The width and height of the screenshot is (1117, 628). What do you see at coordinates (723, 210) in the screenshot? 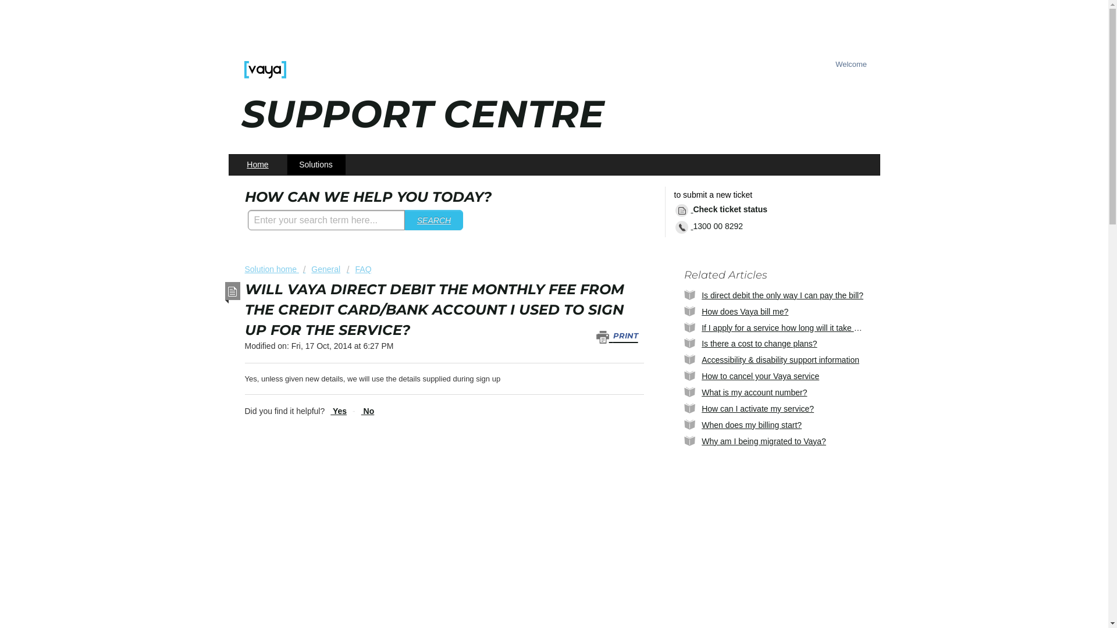
I see `'Check ticket status'` at bounding box center [723, 210].